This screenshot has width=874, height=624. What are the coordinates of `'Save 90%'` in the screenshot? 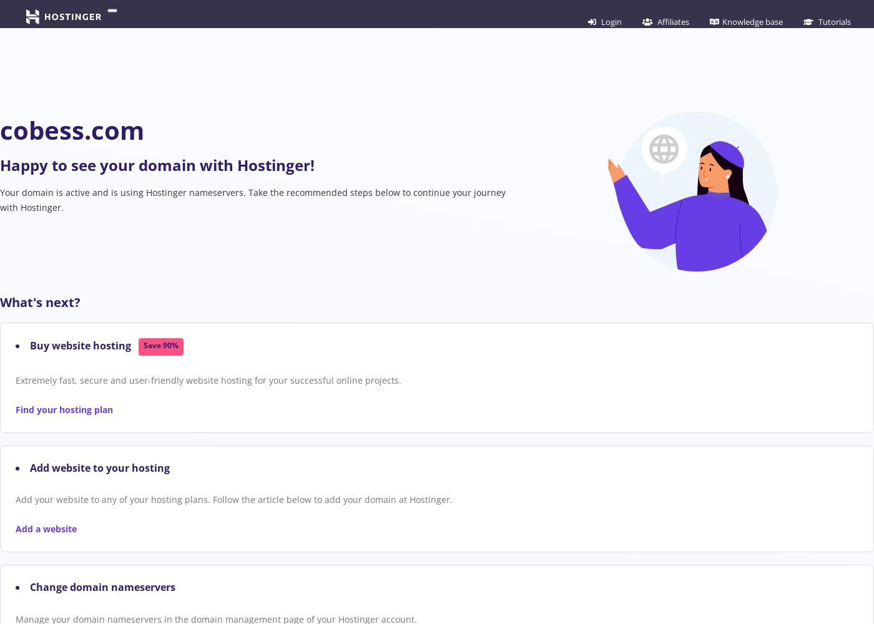 It's located at (144, 345).